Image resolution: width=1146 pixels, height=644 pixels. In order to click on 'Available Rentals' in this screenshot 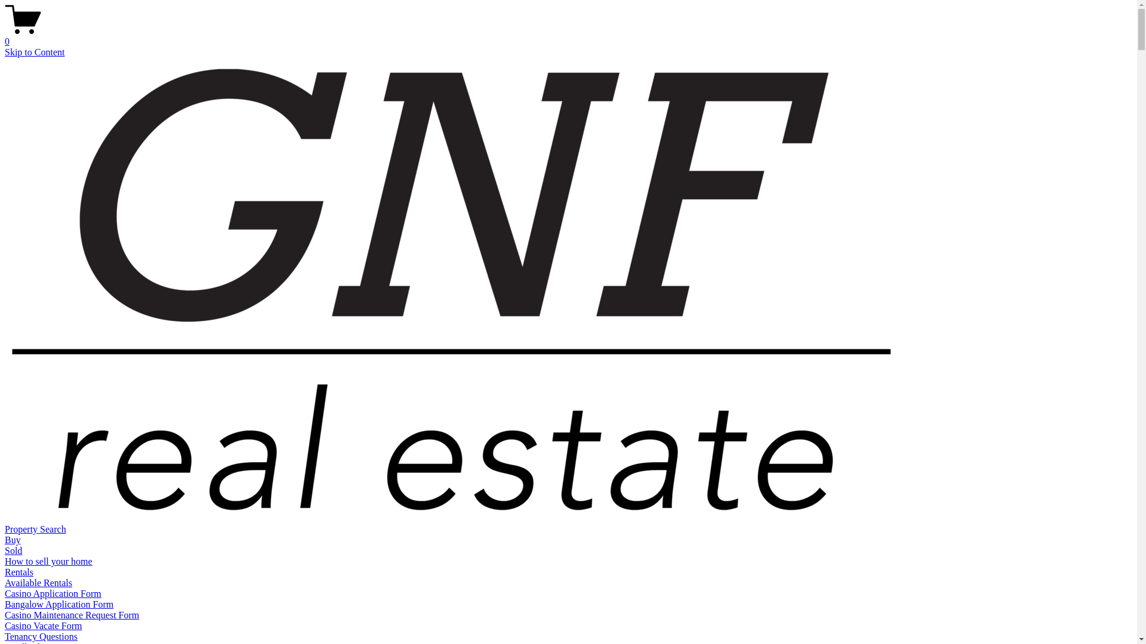, I will do `click(5, 582)`.